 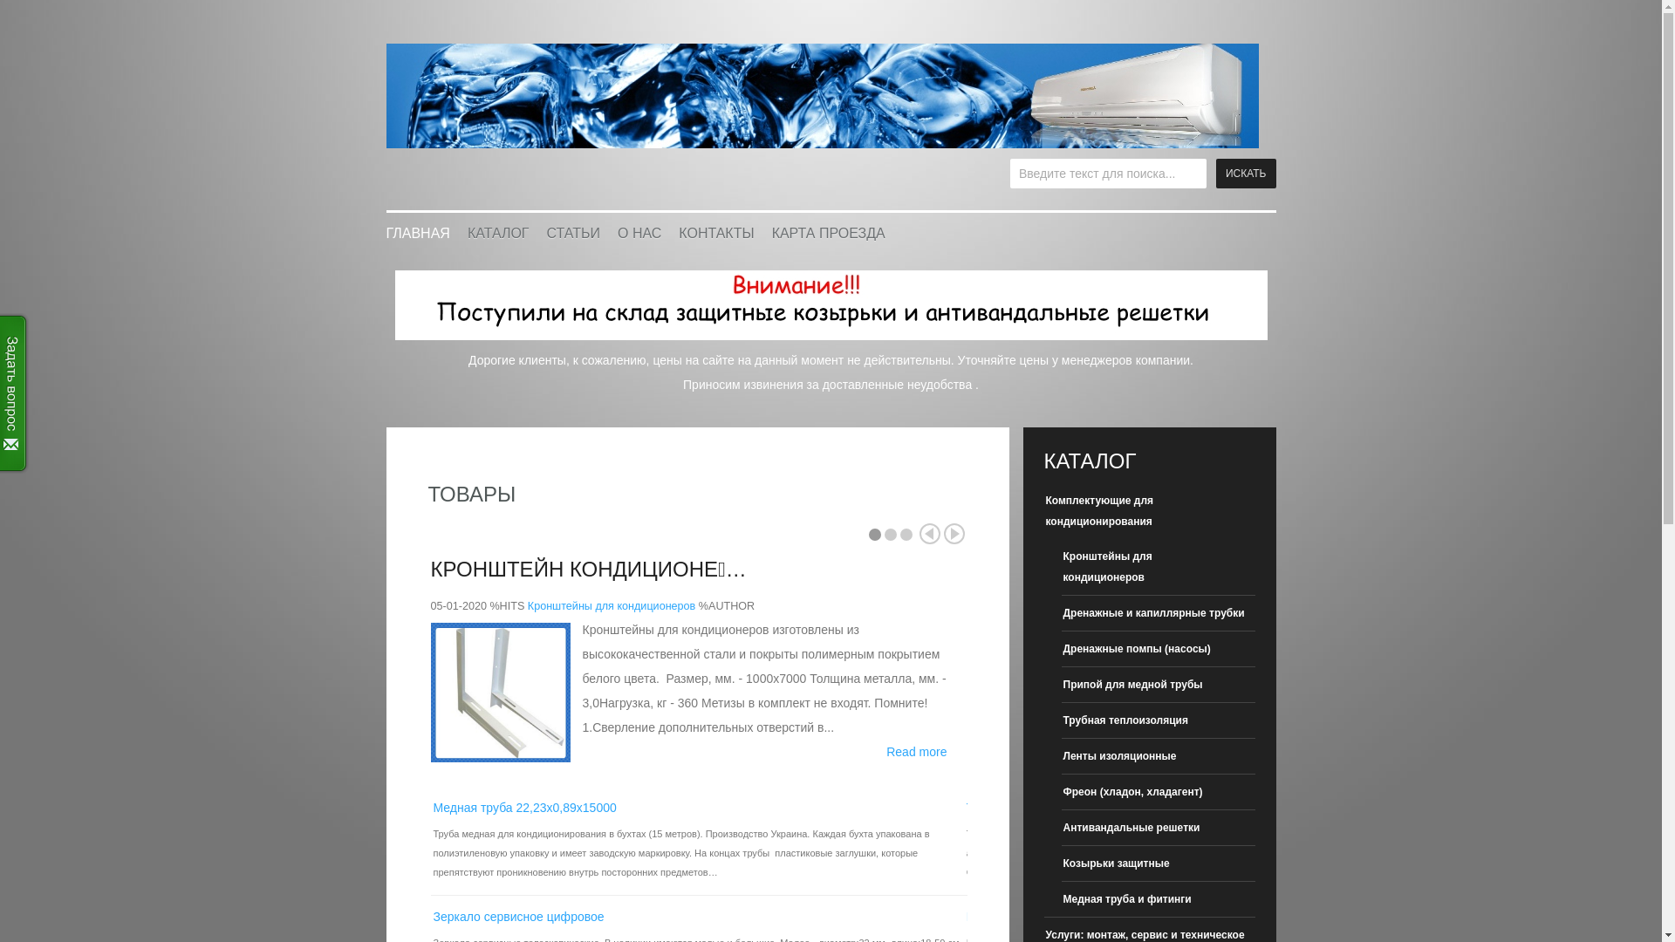 I want to click on 'Prev', so click(x=928, y=533).